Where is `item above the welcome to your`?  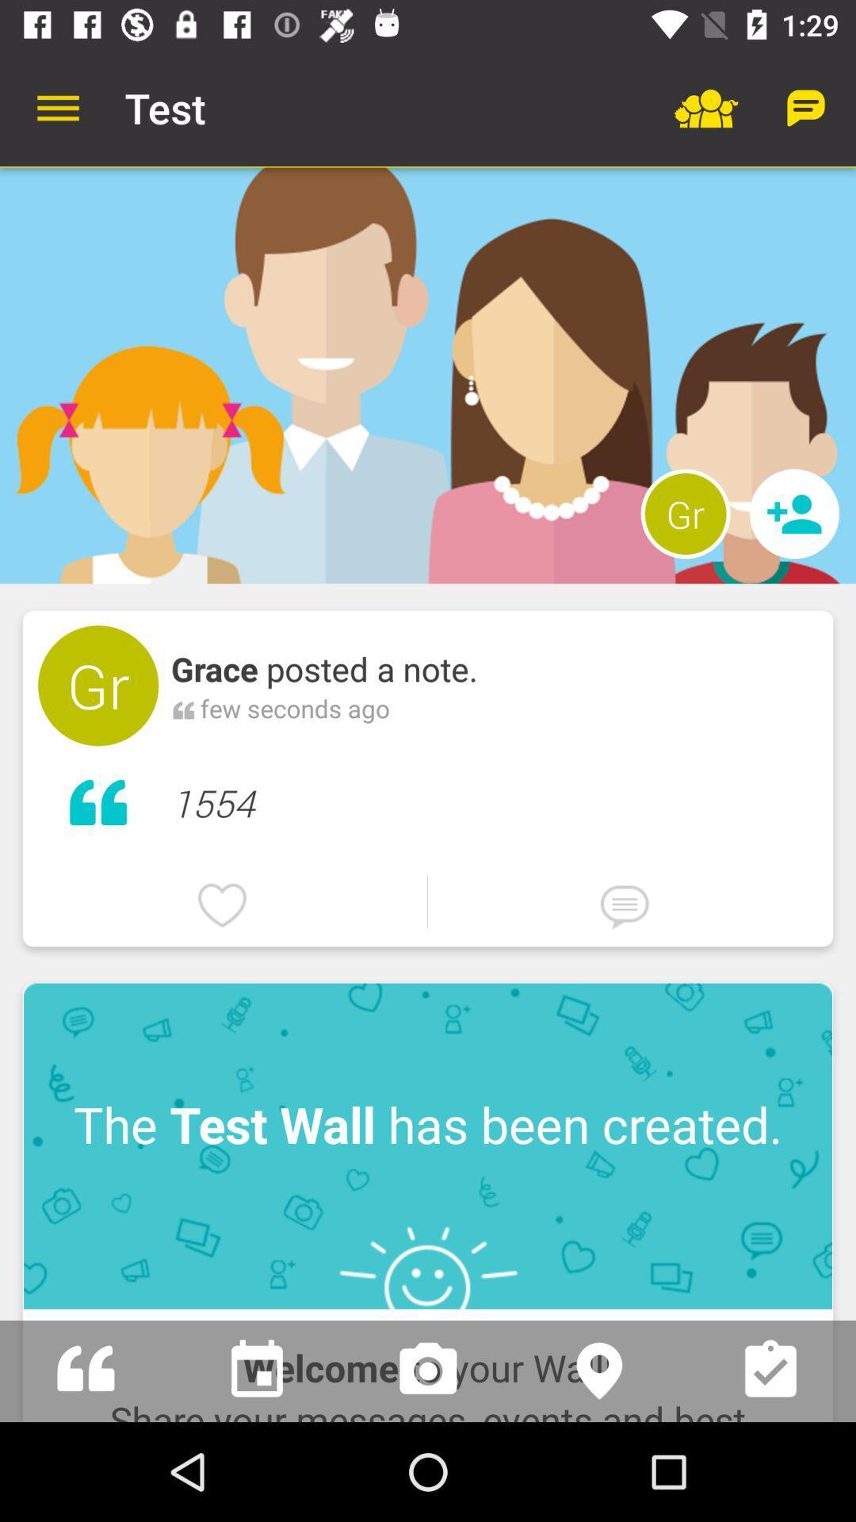
item above the welcome to your is located at coordinates (428, 1145).